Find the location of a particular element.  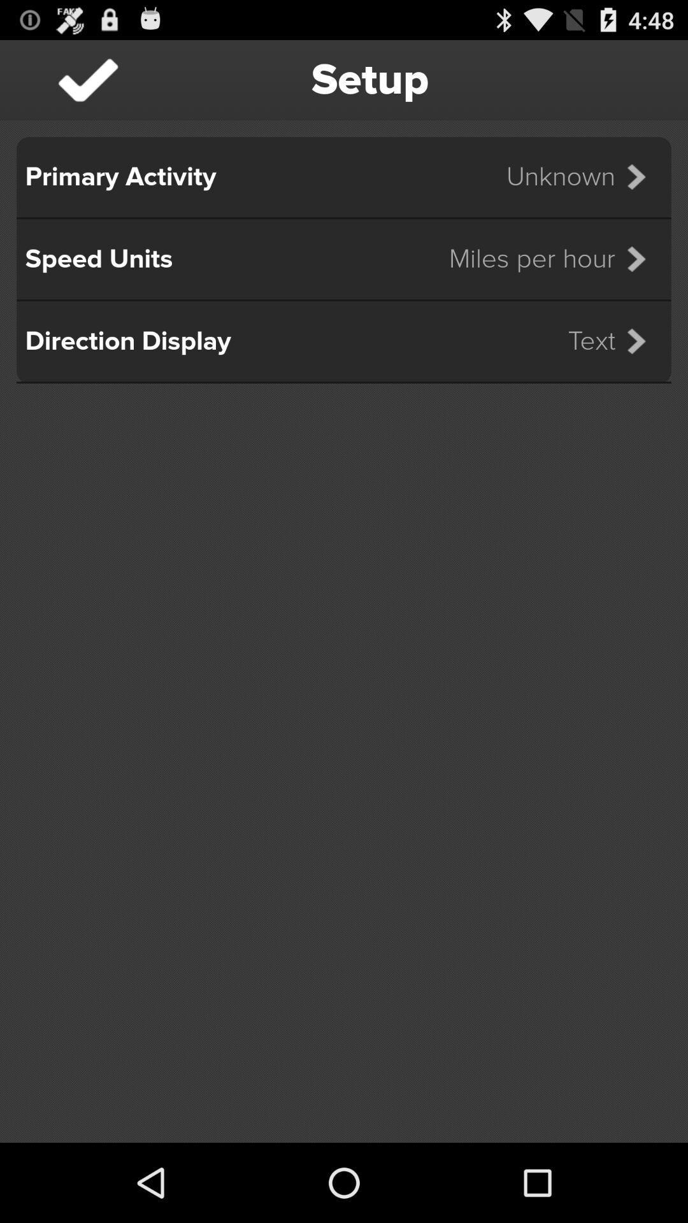

the icon to the right of the direction display item is located at coordinates (614, 341).